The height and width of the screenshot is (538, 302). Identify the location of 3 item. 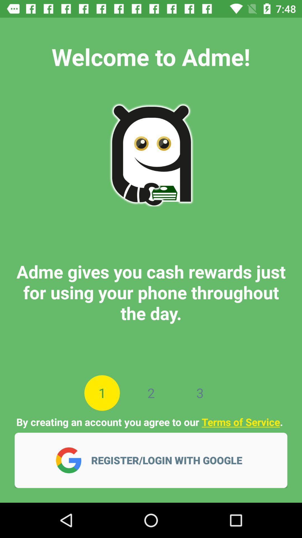
(200, 393).